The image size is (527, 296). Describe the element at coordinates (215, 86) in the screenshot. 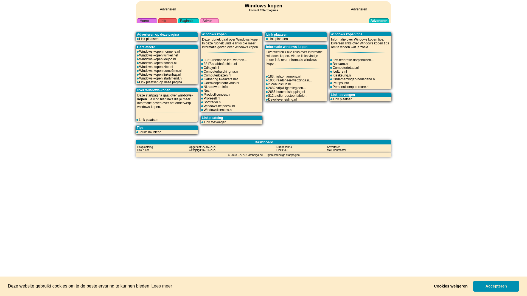

I see `'Nl.hardware.info'` at that location.